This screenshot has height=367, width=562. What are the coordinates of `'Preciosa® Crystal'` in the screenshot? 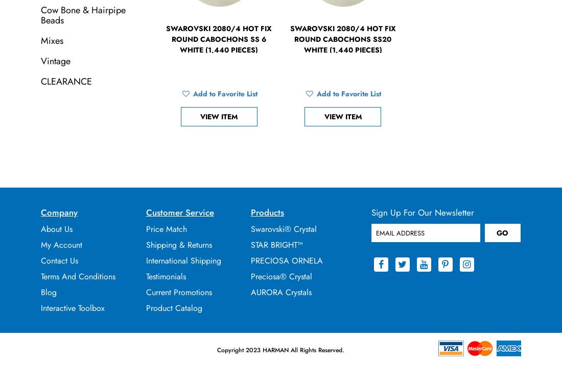 It's located at (281, 276).